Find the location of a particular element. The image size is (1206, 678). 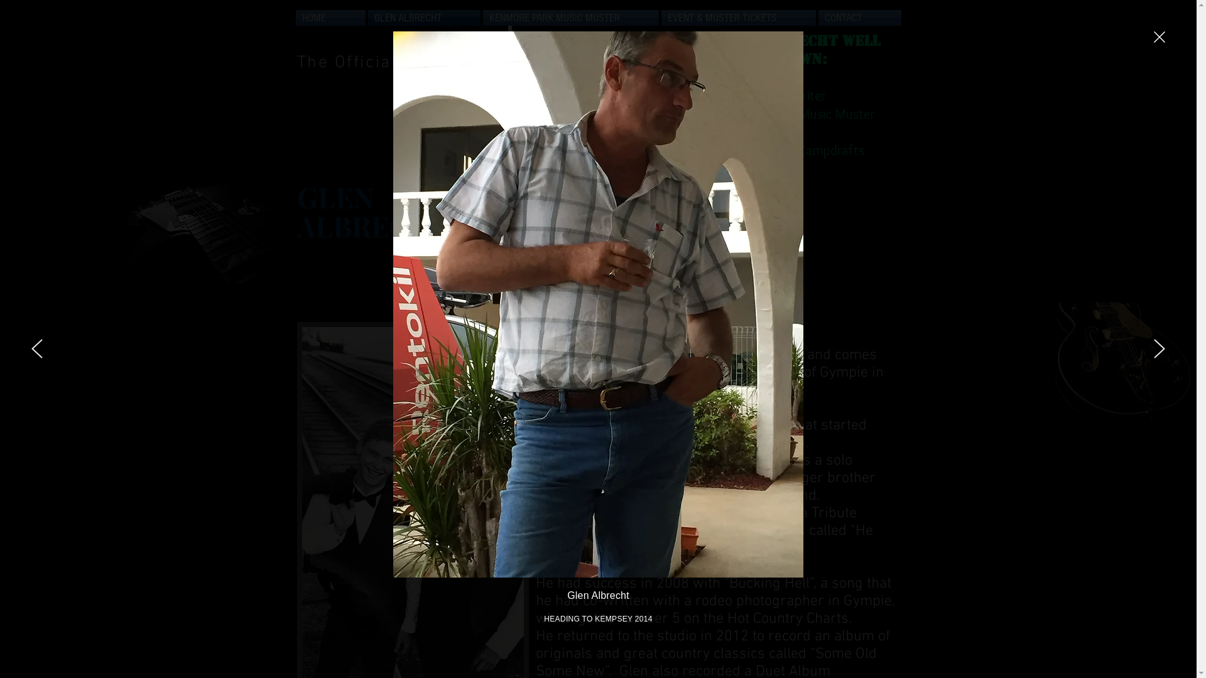

'The Official Website' is located at coordinates (383, 63).